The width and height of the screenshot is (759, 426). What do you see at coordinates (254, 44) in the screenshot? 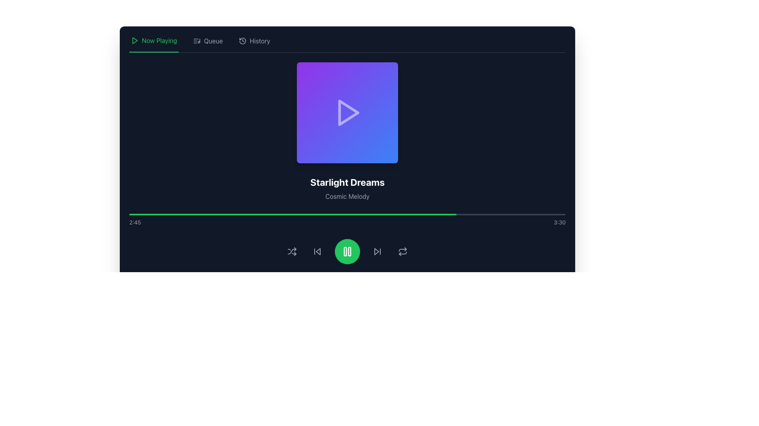
I see `the 'History' navigation menu item, which includes a clock icon and the label 'History'` at bounding box center [254, 44].